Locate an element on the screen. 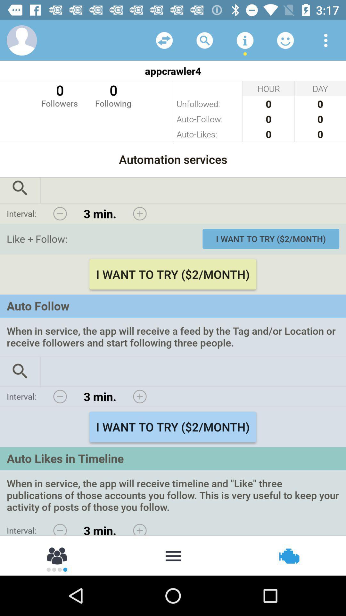  moer option is located at coordinates (173, 555).